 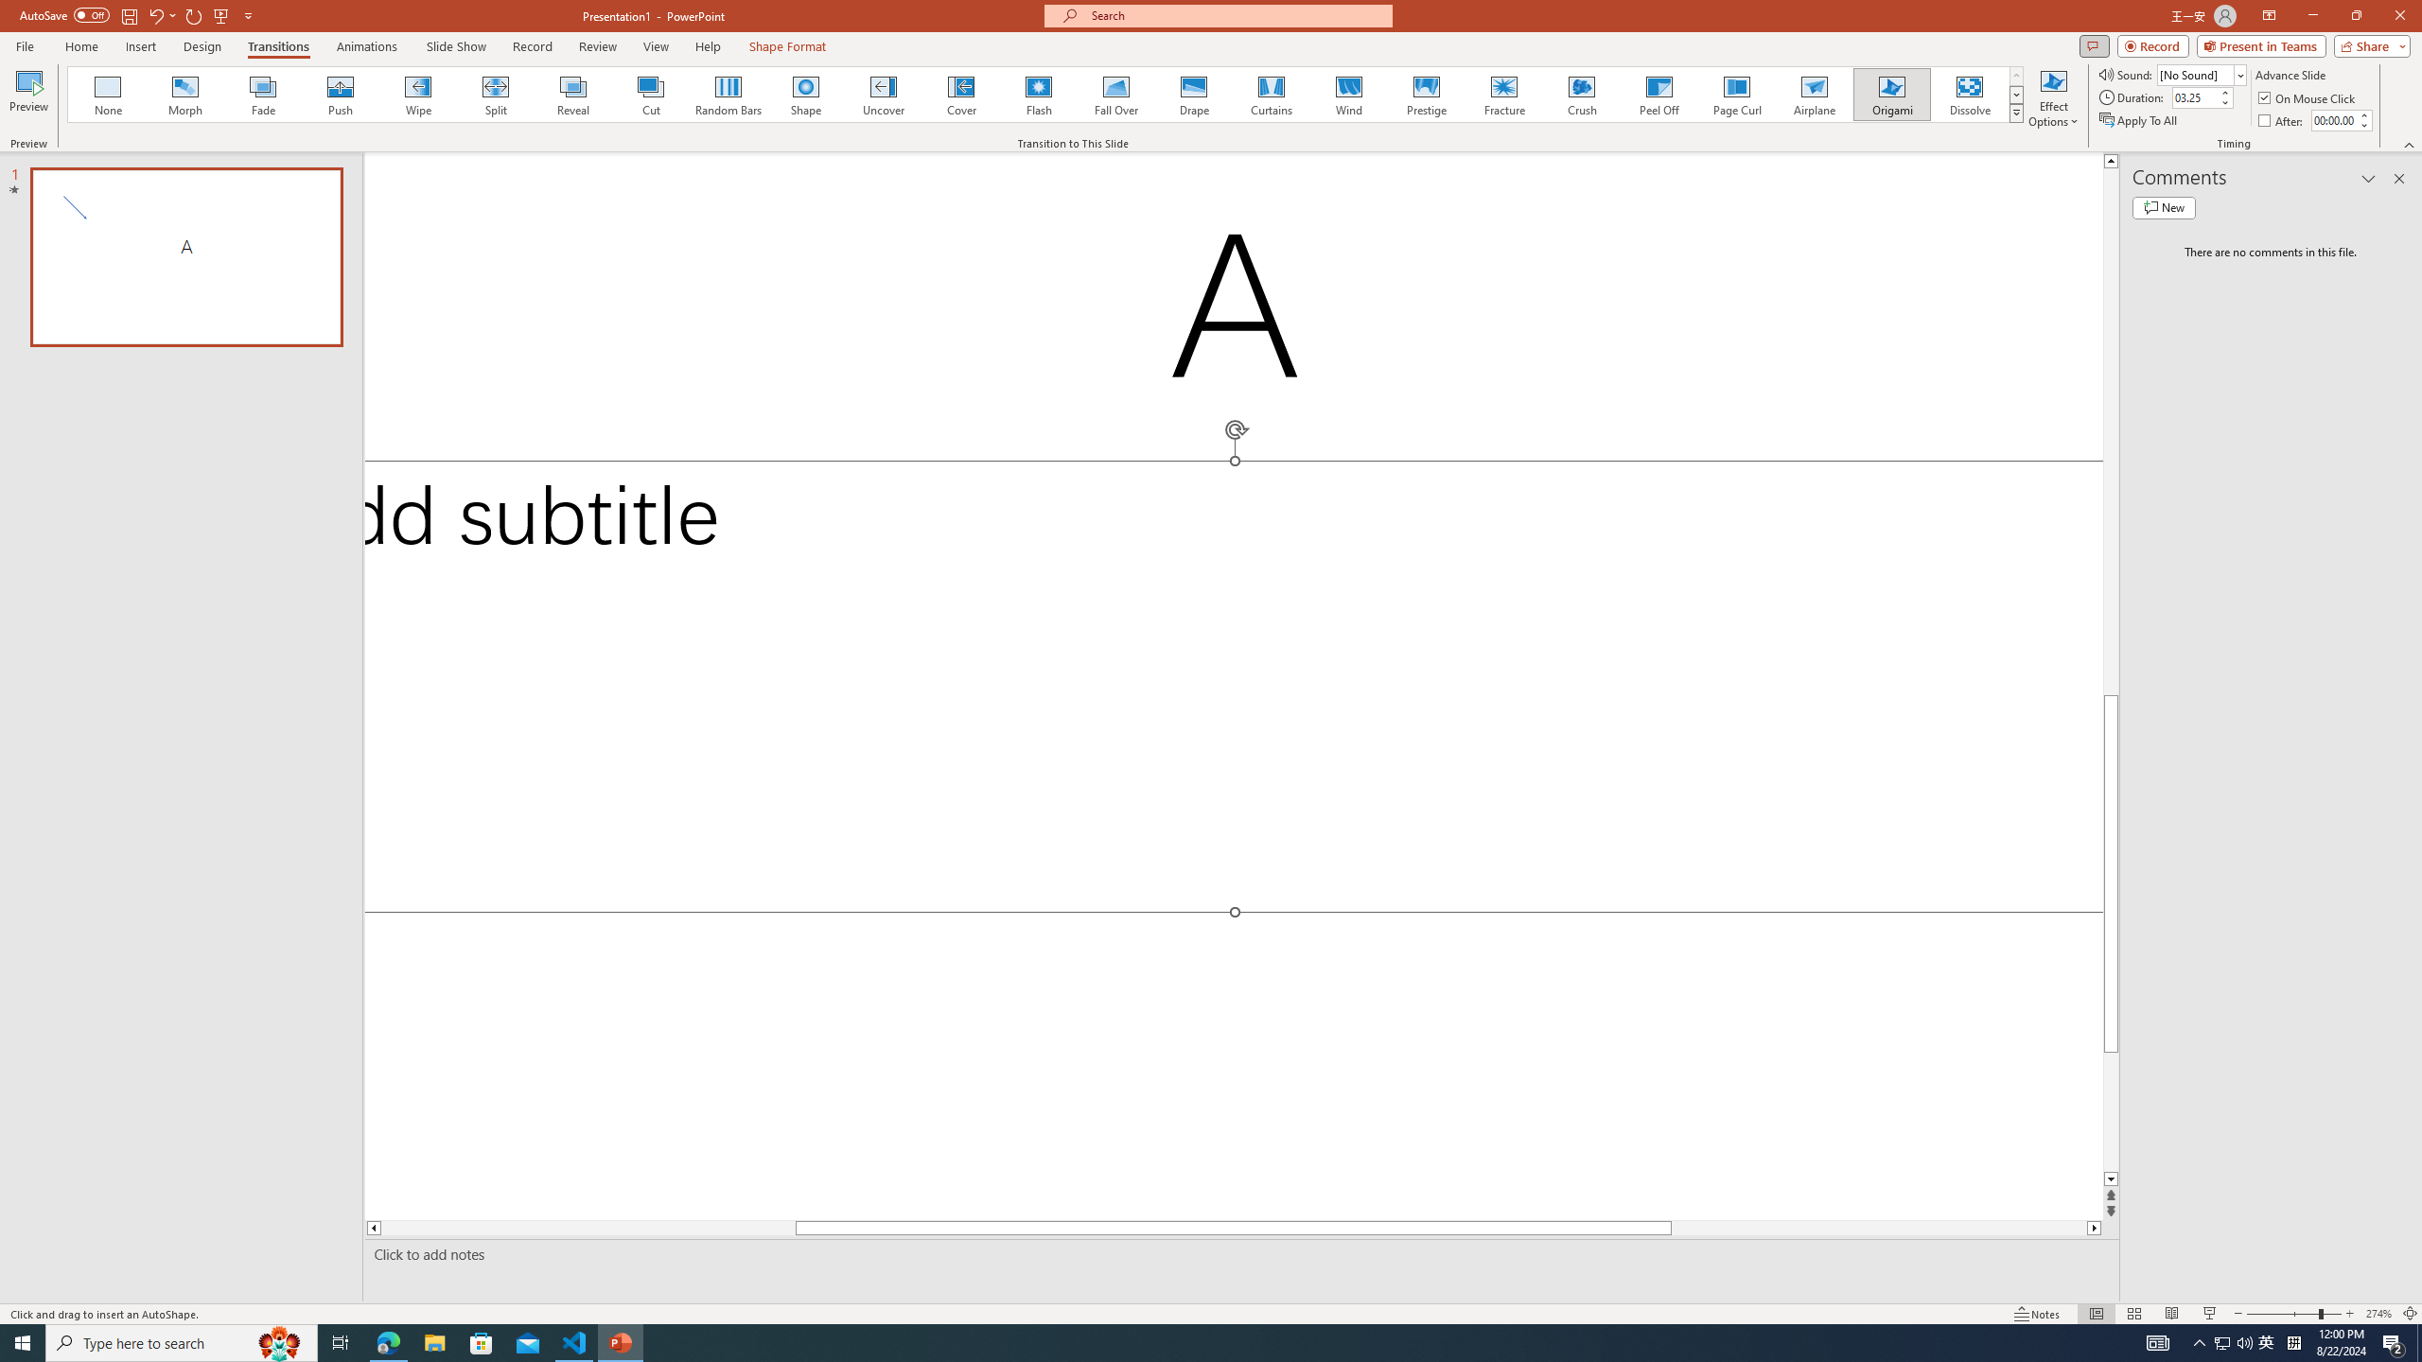 I want to click on 'Fracture', so click(x=1503, y=94).